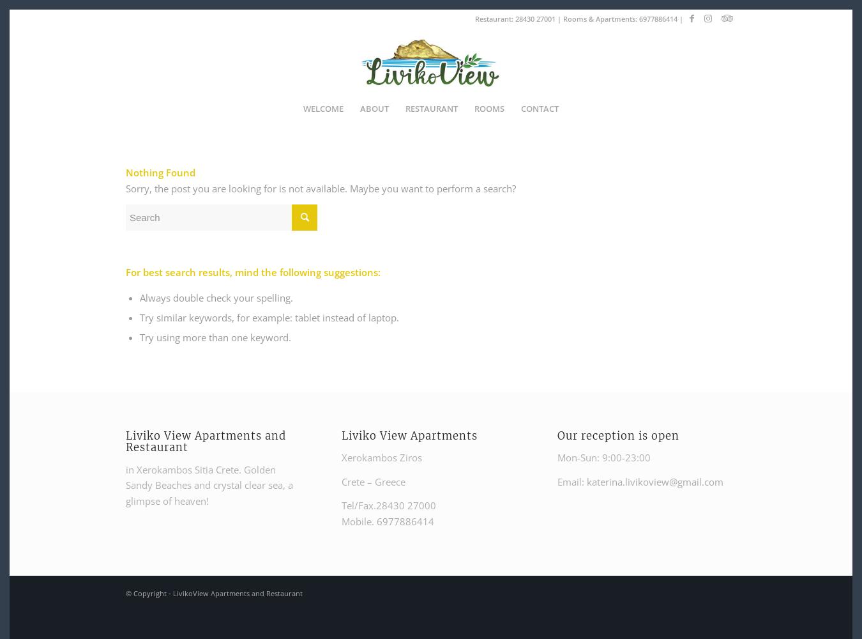 Image resolution: width=862 pixels, height=639 pixels. What do you see at coordinates (617, 435) in the screenshot?
I see `'Our reception is open'` at bounding box center [617, 435].